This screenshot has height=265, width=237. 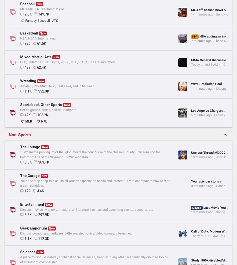 What do you see at coordinates (43, 244) in the screenshot?
I see `'396.1K'` at bounding box center [43, 244].